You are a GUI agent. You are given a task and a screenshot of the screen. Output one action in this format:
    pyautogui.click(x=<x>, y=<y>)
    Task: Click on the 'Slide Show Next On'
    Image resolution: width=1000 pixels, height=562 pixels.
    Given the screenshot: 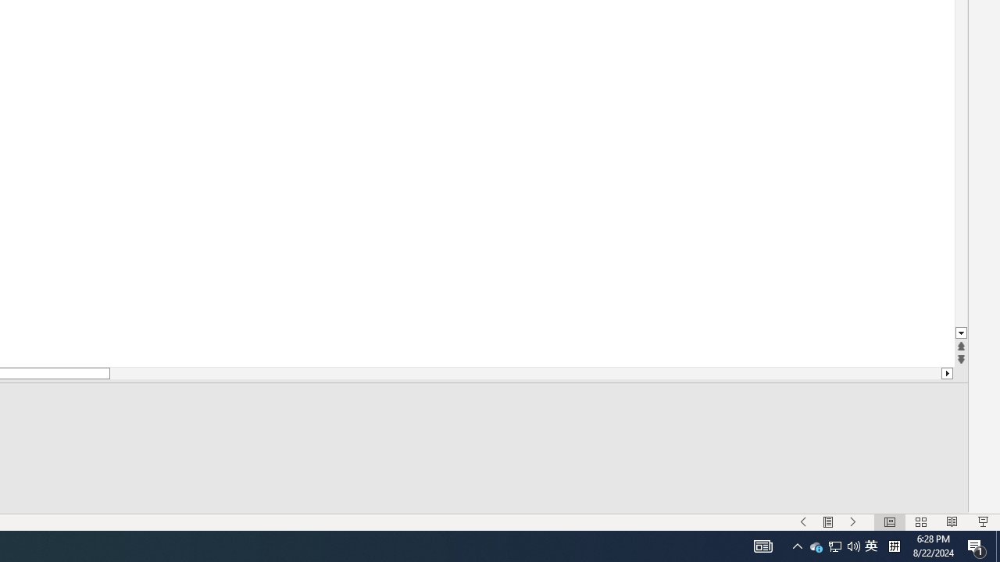 What is the action you would take?
    pyautogui.click(x=852, y=522)
    